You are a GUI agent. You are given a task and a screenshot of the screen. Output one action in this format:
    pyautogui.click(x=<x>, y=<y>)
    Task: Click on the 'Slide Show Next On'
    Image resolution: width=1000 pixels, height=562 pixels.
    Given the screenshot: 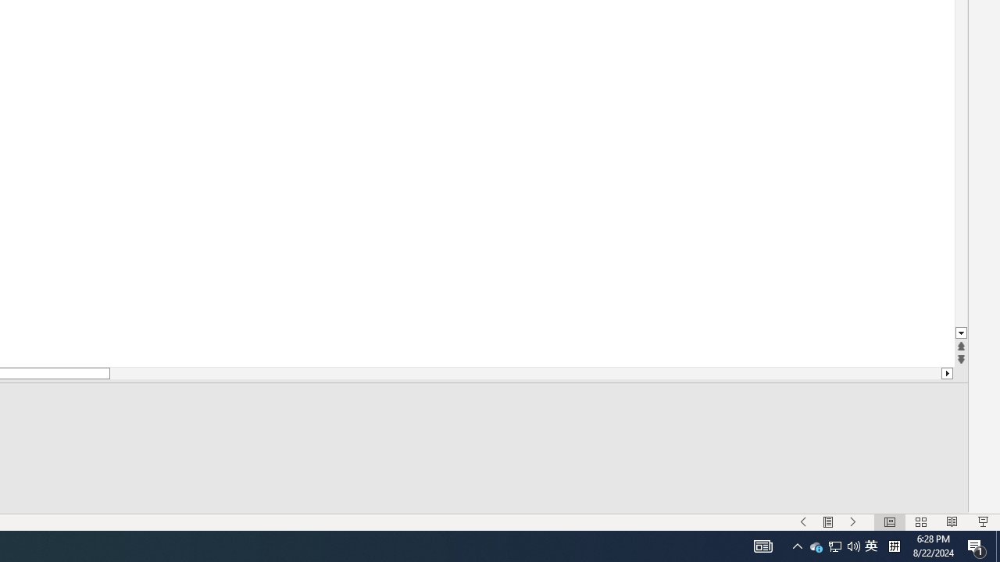 What is the action you would take?
    pyautogui.click(x=852, y=522)
    